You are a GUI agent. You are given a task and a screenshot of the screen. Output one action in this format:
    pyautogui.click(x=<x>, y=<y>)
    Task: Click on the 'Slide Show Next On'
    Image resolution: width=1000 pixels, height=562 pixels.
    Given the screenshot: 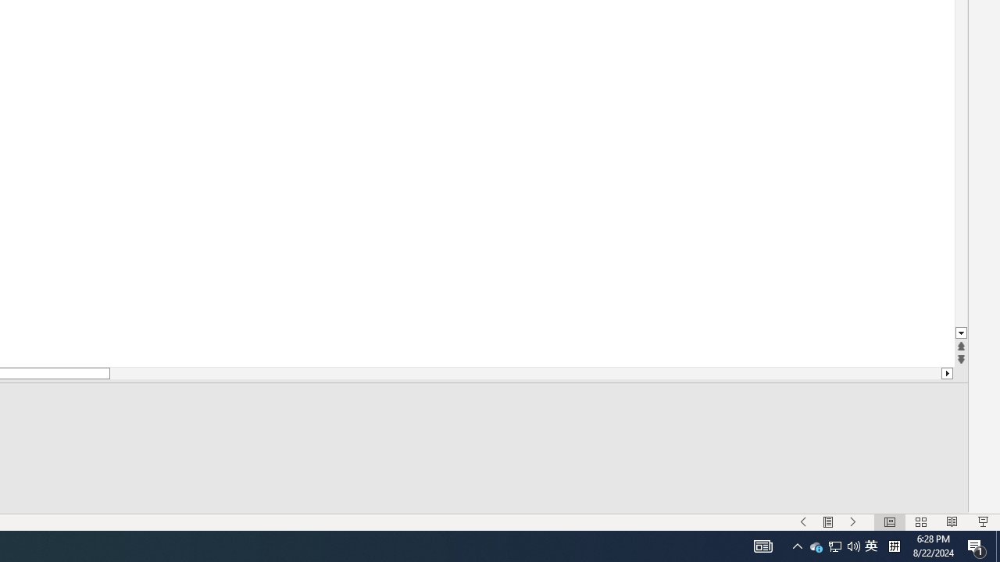 What is the action you would take?
    pyautogui.click(x=852, y=522)
    